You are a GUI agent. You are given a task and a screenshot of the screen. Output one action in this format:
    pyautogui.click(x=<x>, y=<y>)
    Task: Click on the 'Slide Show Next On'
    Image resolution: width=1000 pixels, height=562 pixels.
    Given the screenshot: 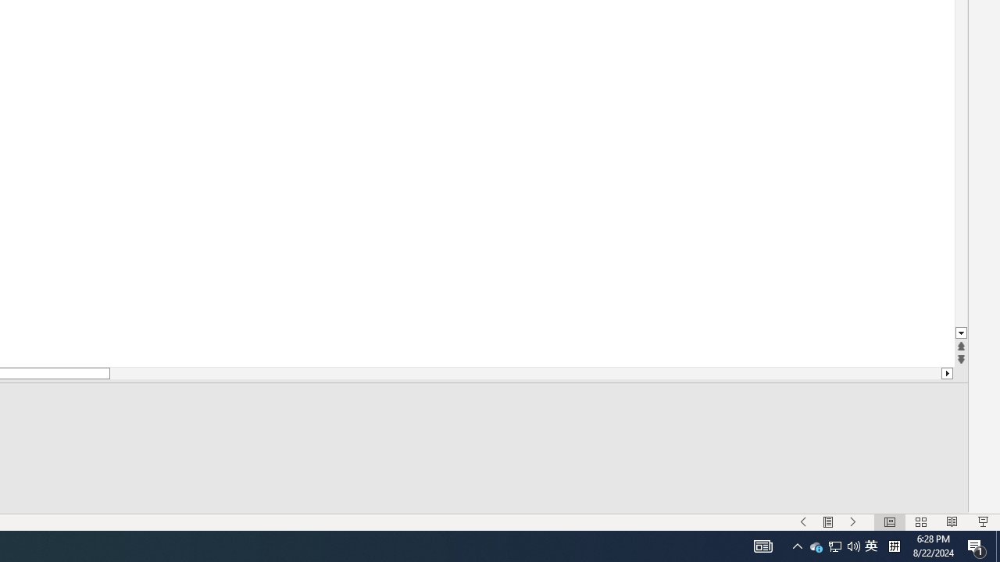 What is the action you would take?
    pyautogui.click(x=852, y=522)
    